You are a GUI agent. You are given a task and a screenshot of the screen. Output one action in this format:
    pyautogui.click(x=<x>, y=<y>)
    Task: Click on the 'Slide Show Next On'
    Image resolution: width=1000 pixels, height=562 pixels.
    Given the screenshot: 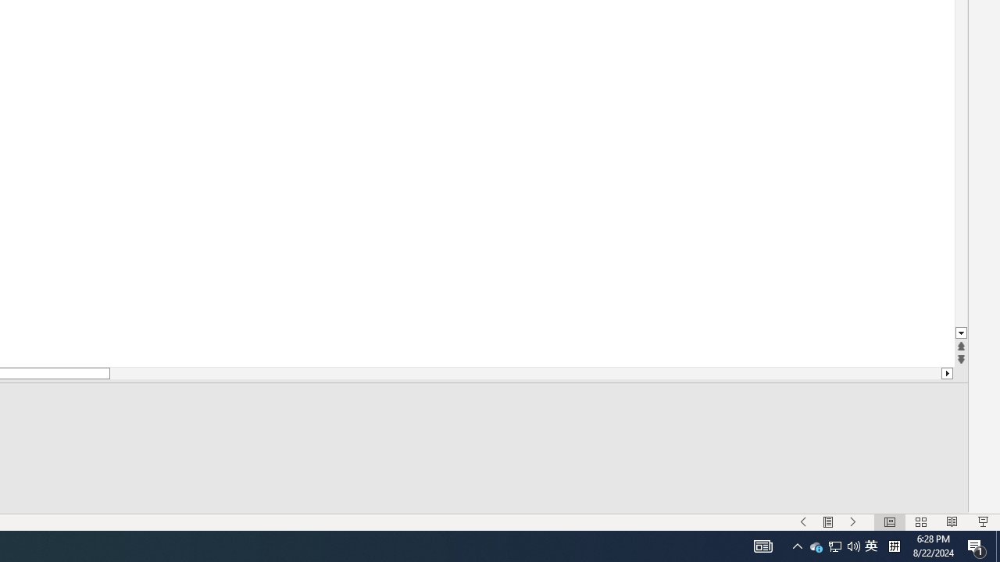 What is the action you would take?
    pyautogui.click(x=852, y=522)
    